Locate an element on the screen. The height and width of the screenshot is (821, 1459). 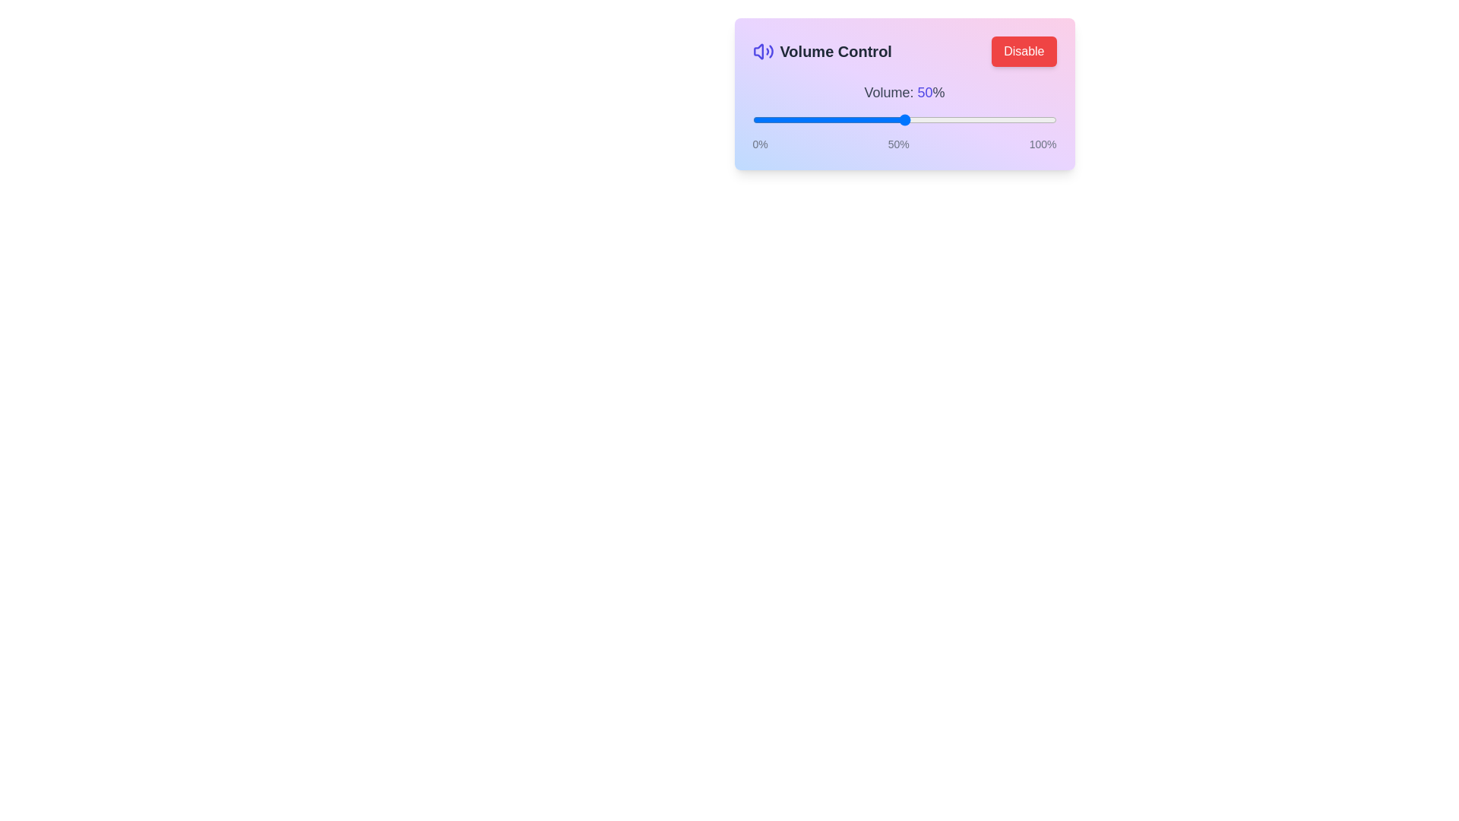
the volume is located at coordinates (856, 119).